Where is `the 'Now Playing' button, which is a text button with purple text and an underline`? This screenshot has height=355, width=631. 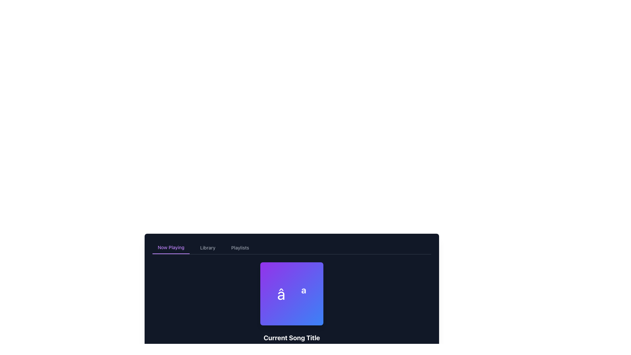
the 'Now Playing' button, which is a text button with purple text and an underline is located at coordinates (171, 248).